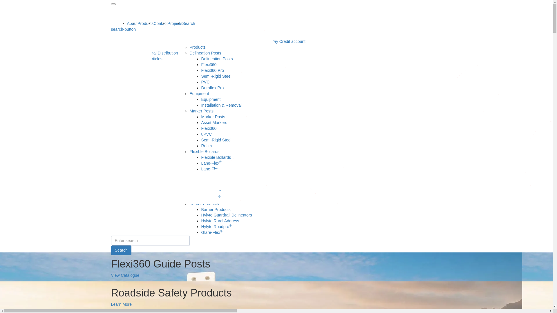 This screenshot has width=557, height=313. What do you see at coordinates (216, 157) in the screenshot?
I see `'Flexible Bollards'` at bounding box center [216, 157].